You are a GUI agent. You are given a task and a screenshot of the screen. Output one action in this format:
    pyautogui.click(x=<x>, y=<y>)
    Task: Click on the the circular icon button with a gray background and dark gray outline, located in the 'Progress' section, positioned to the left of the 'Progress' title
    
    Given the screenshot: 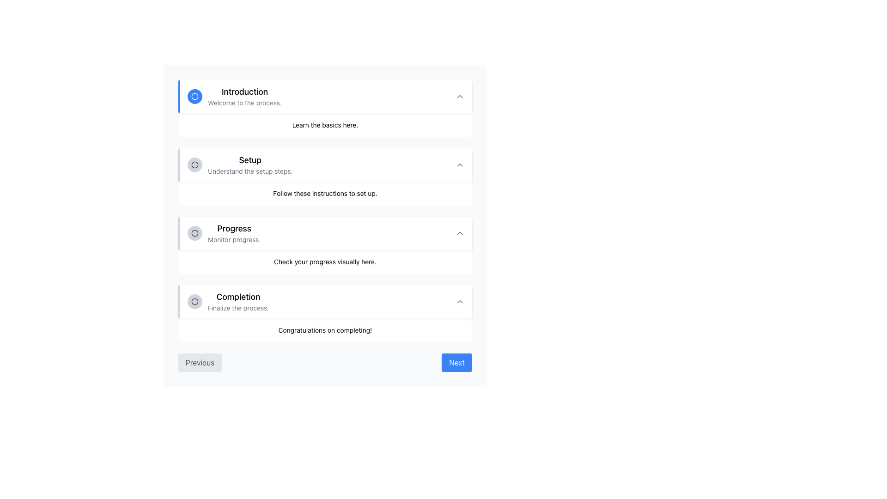 What is the action you would take?
    pyautogui.click(x=194, y=233)
    